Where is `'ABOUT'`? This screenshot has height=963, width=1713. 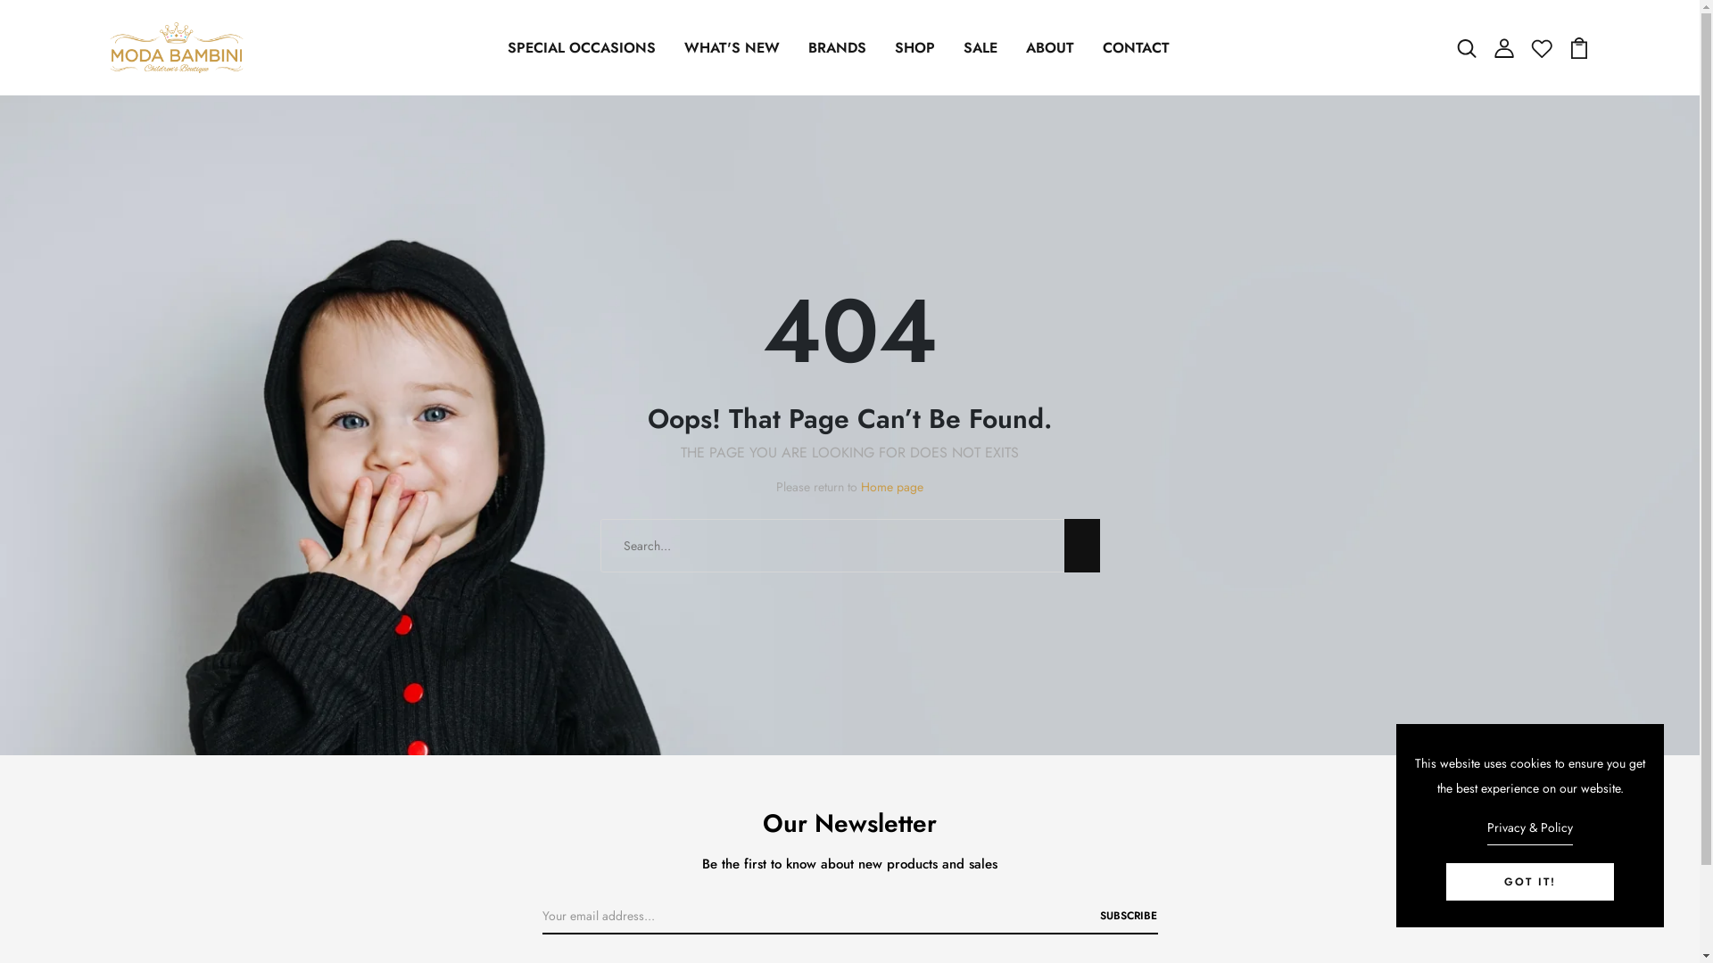 'ABOUT' is located at coordinates (1049, 47).